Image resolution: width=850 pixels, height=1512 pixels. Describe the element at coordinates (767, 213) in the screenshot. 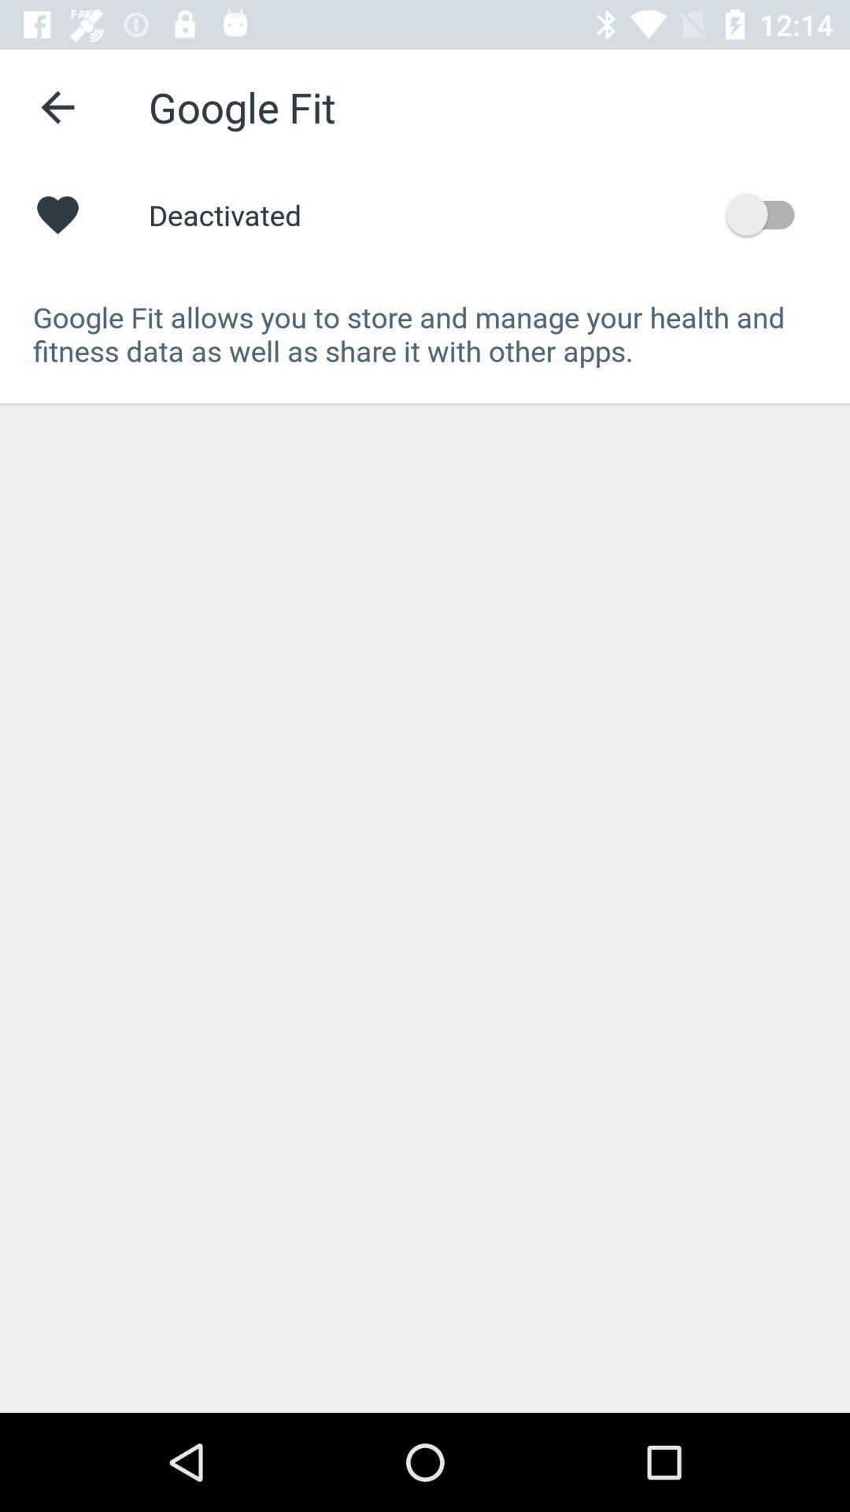

I see `on/off` at that location.